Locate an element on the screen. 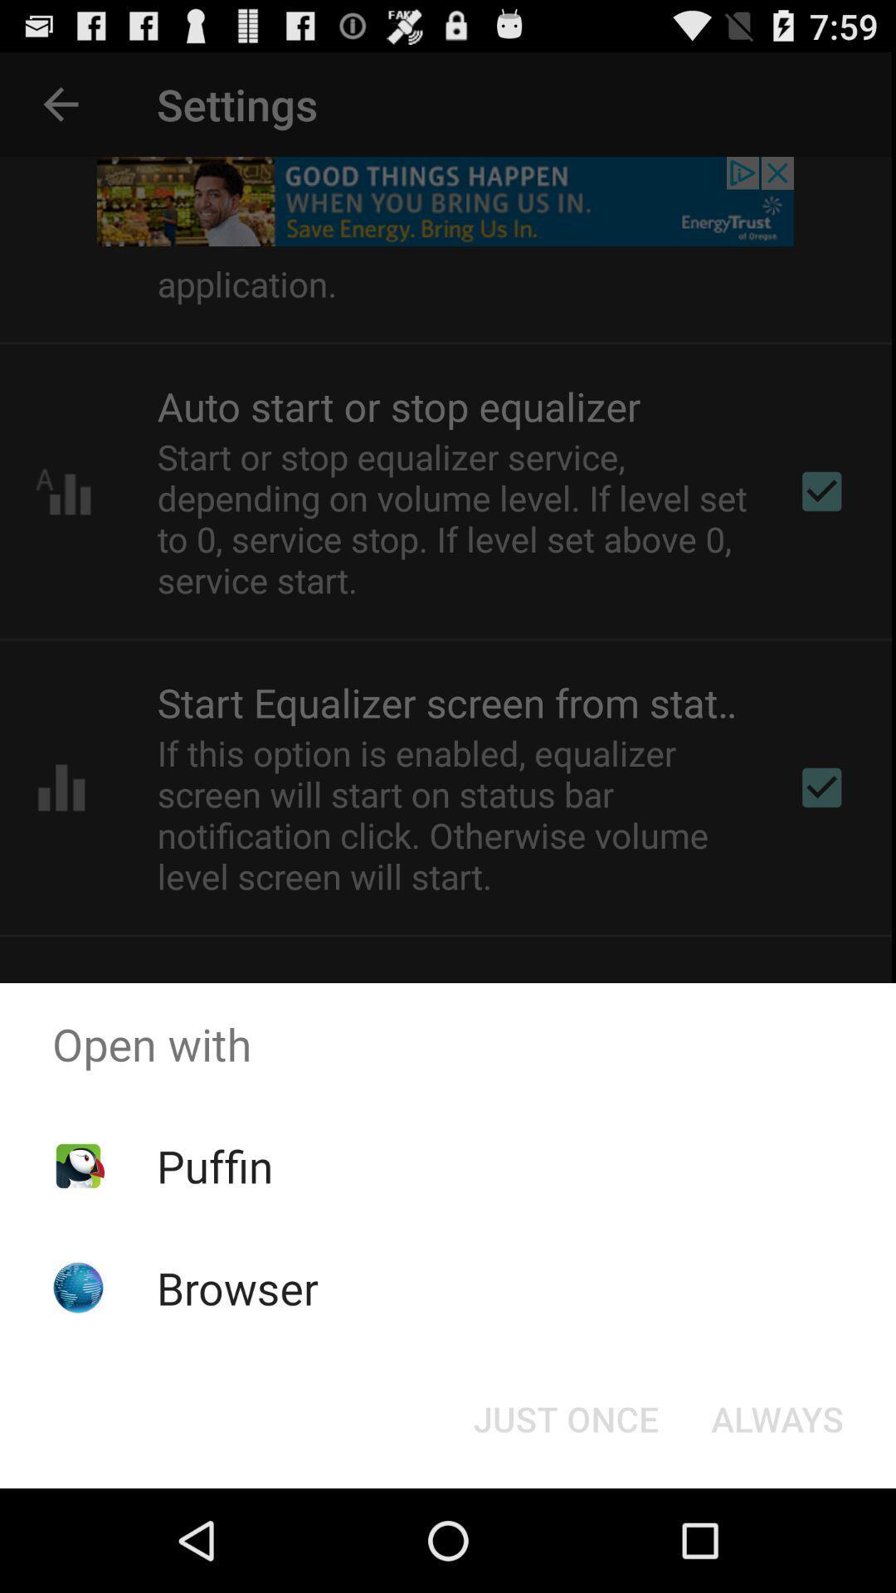  icon below open with item is located at coordinates (565, 1417).